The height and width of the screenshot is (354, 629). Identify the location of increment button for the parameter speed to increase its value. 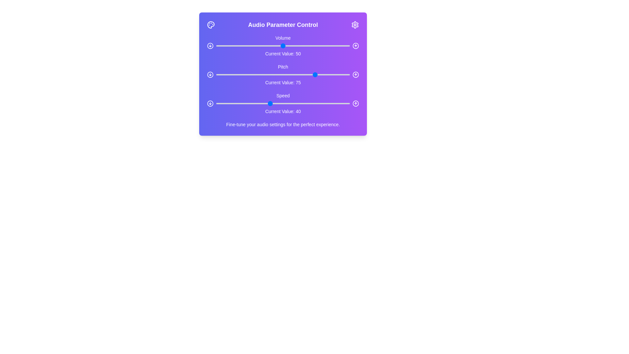
(355, 103).